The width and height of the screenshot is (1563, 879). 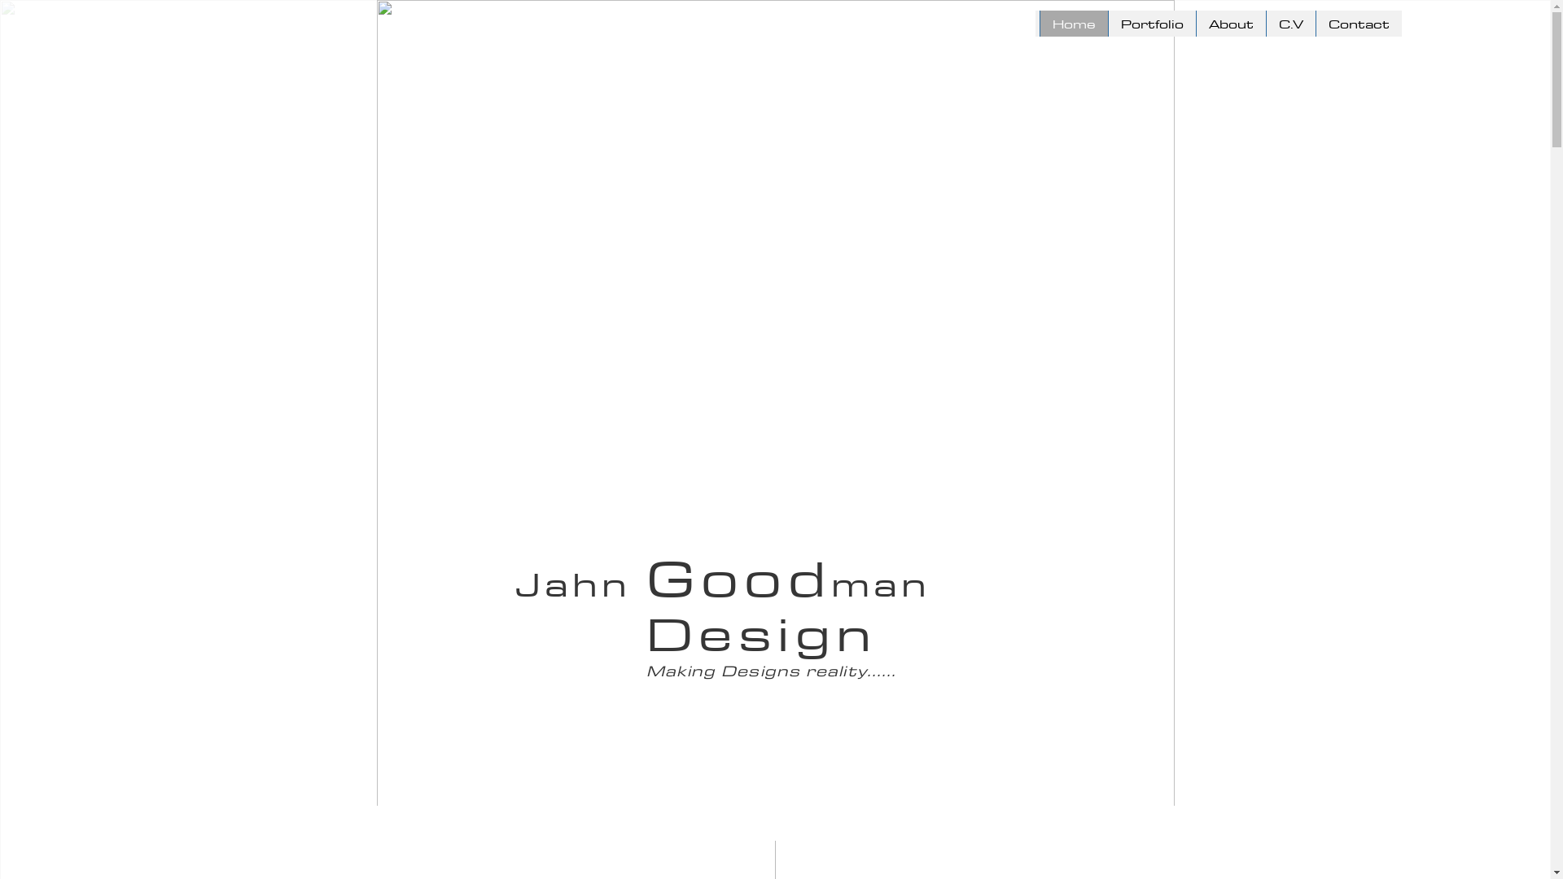 What do you see at coordinates (1073, 24) in the screenshot?
I see `'Home'` at bounding box center [1073, 24].